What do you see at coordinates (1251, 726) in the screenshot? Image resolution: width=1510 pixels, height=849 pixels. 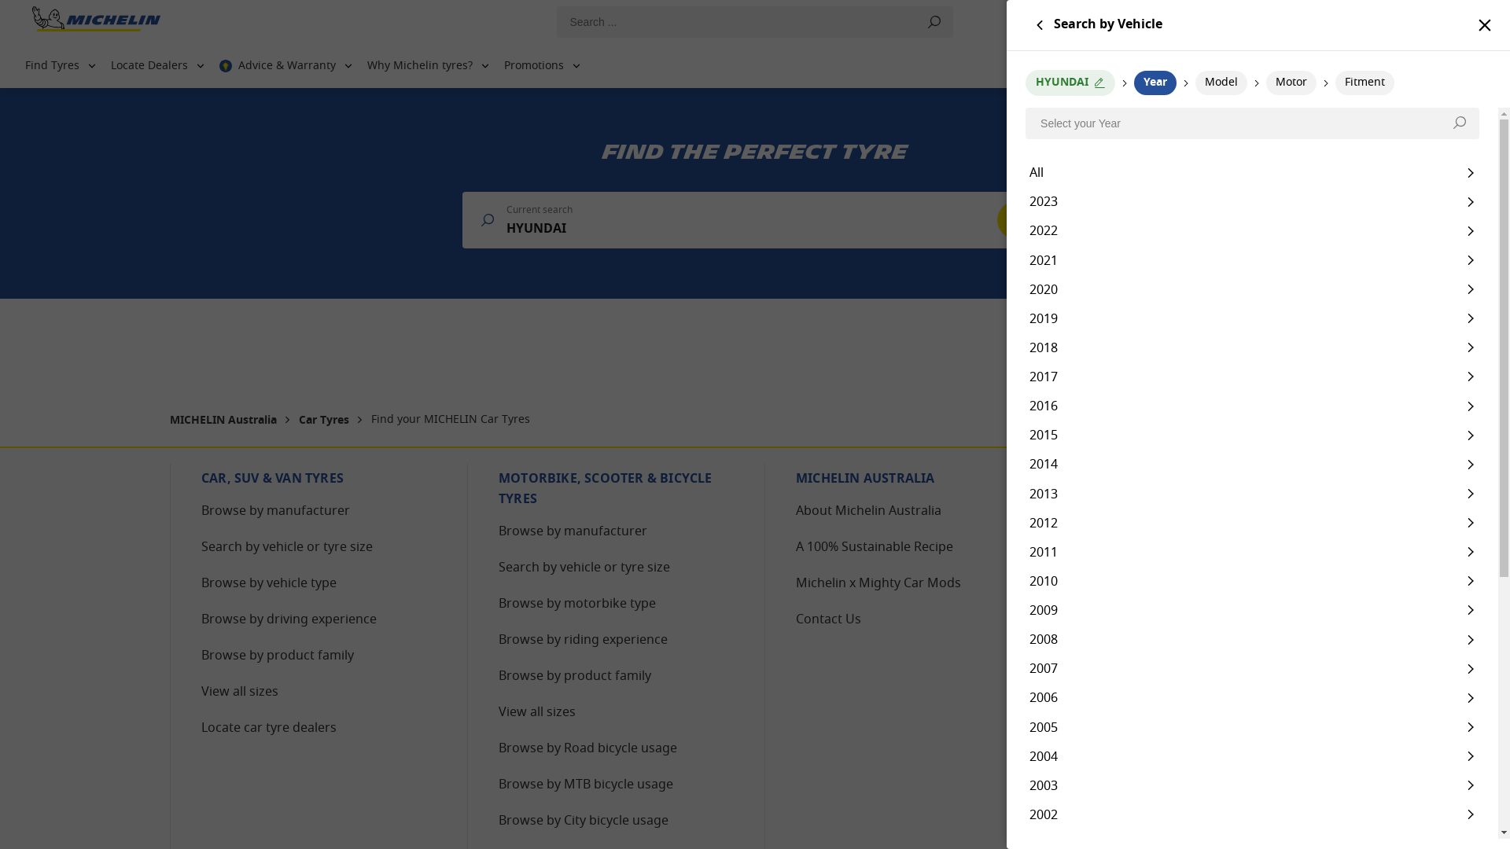 I see `'2005'` at bounding box center [1251, 726].